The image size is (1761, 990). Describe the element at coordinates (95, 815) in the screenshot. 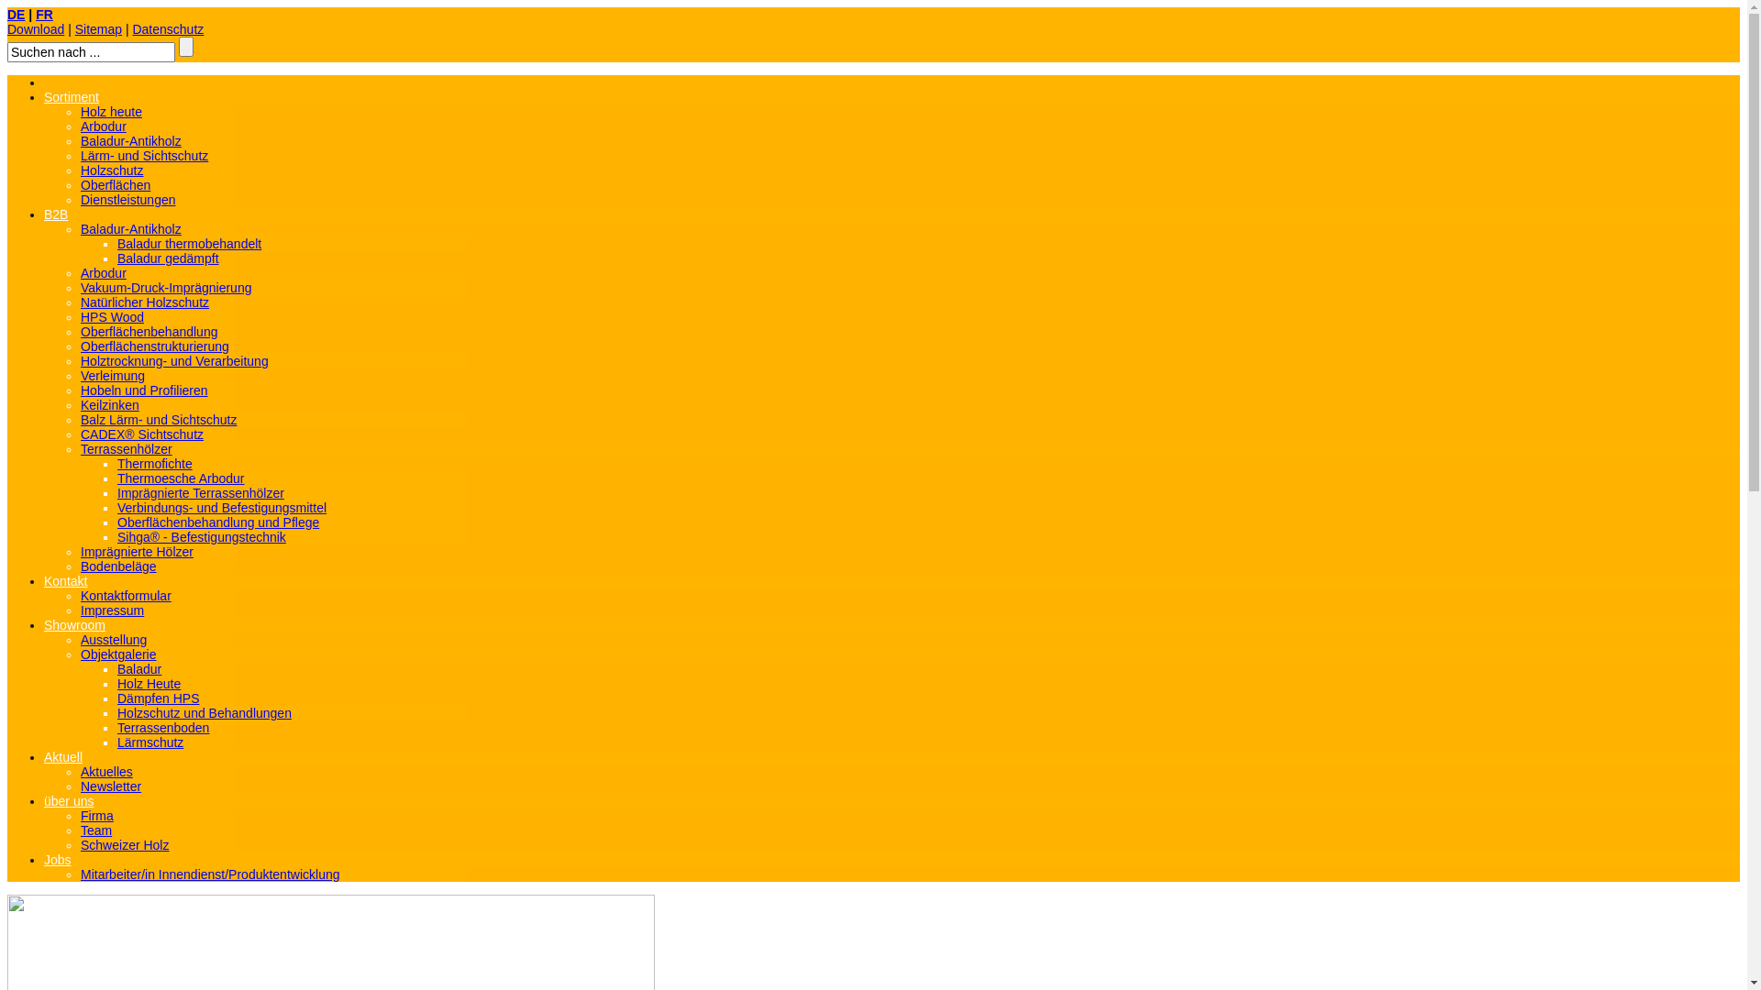

I see `'Firma'` at that location.